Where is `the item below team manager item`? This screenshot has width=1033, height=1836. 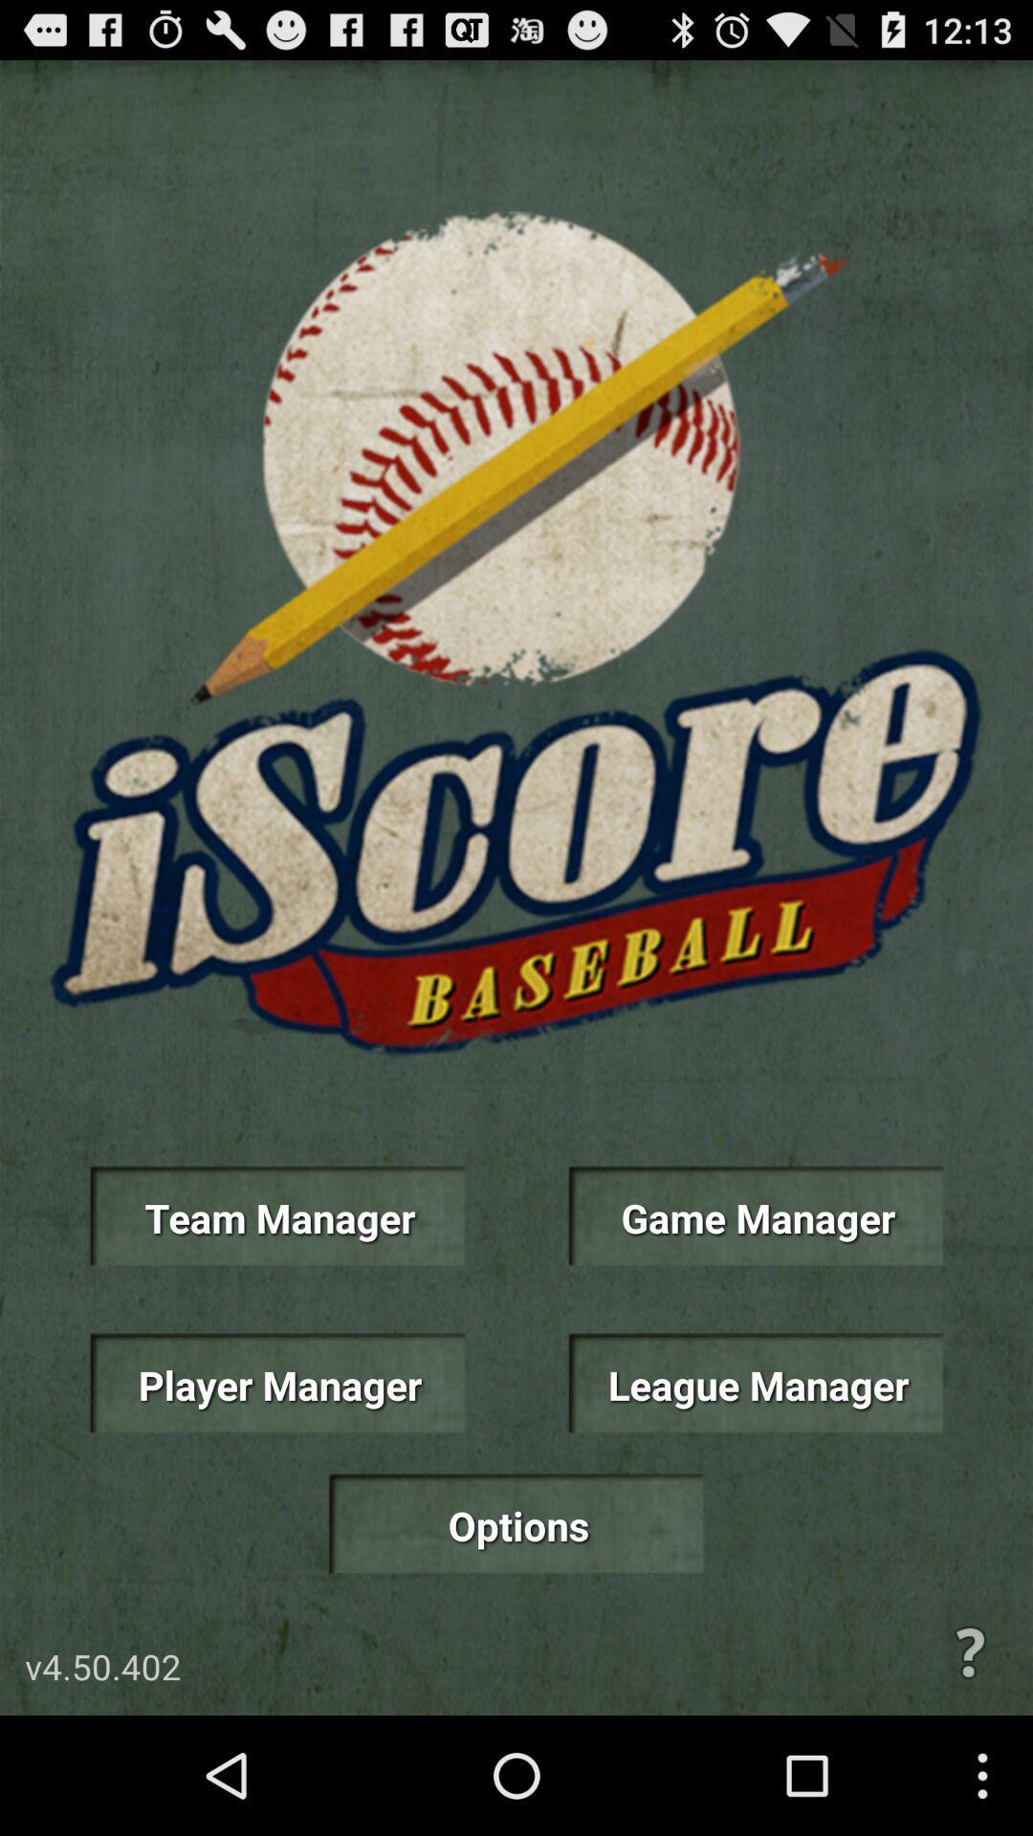 the item below team manager item is located at coordinates (276, 1383).